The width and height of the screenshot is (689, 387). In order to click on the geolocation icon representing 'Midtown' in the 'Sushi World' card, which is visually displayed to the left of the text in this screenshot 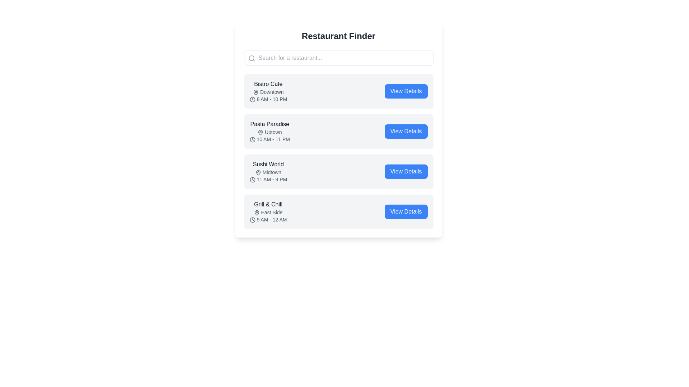, I will do `click(258, 173)`.